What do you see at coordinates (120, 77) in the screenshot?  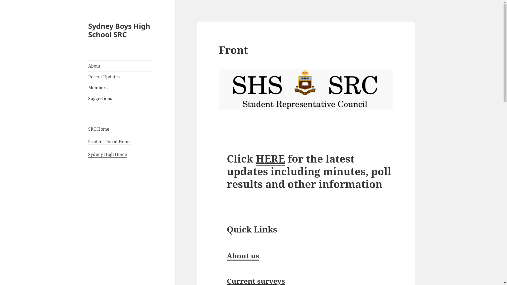 I see `'Recent Updates'` at bounding box center [120, 77].